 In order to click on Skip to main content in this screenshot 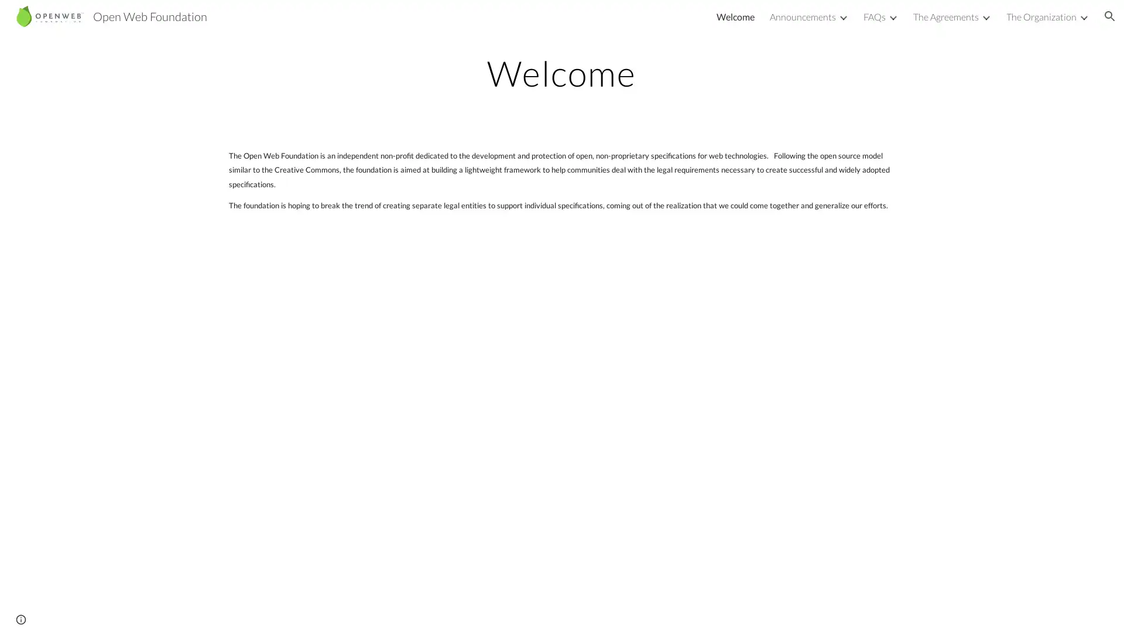, I will do `click(461, 22)`.